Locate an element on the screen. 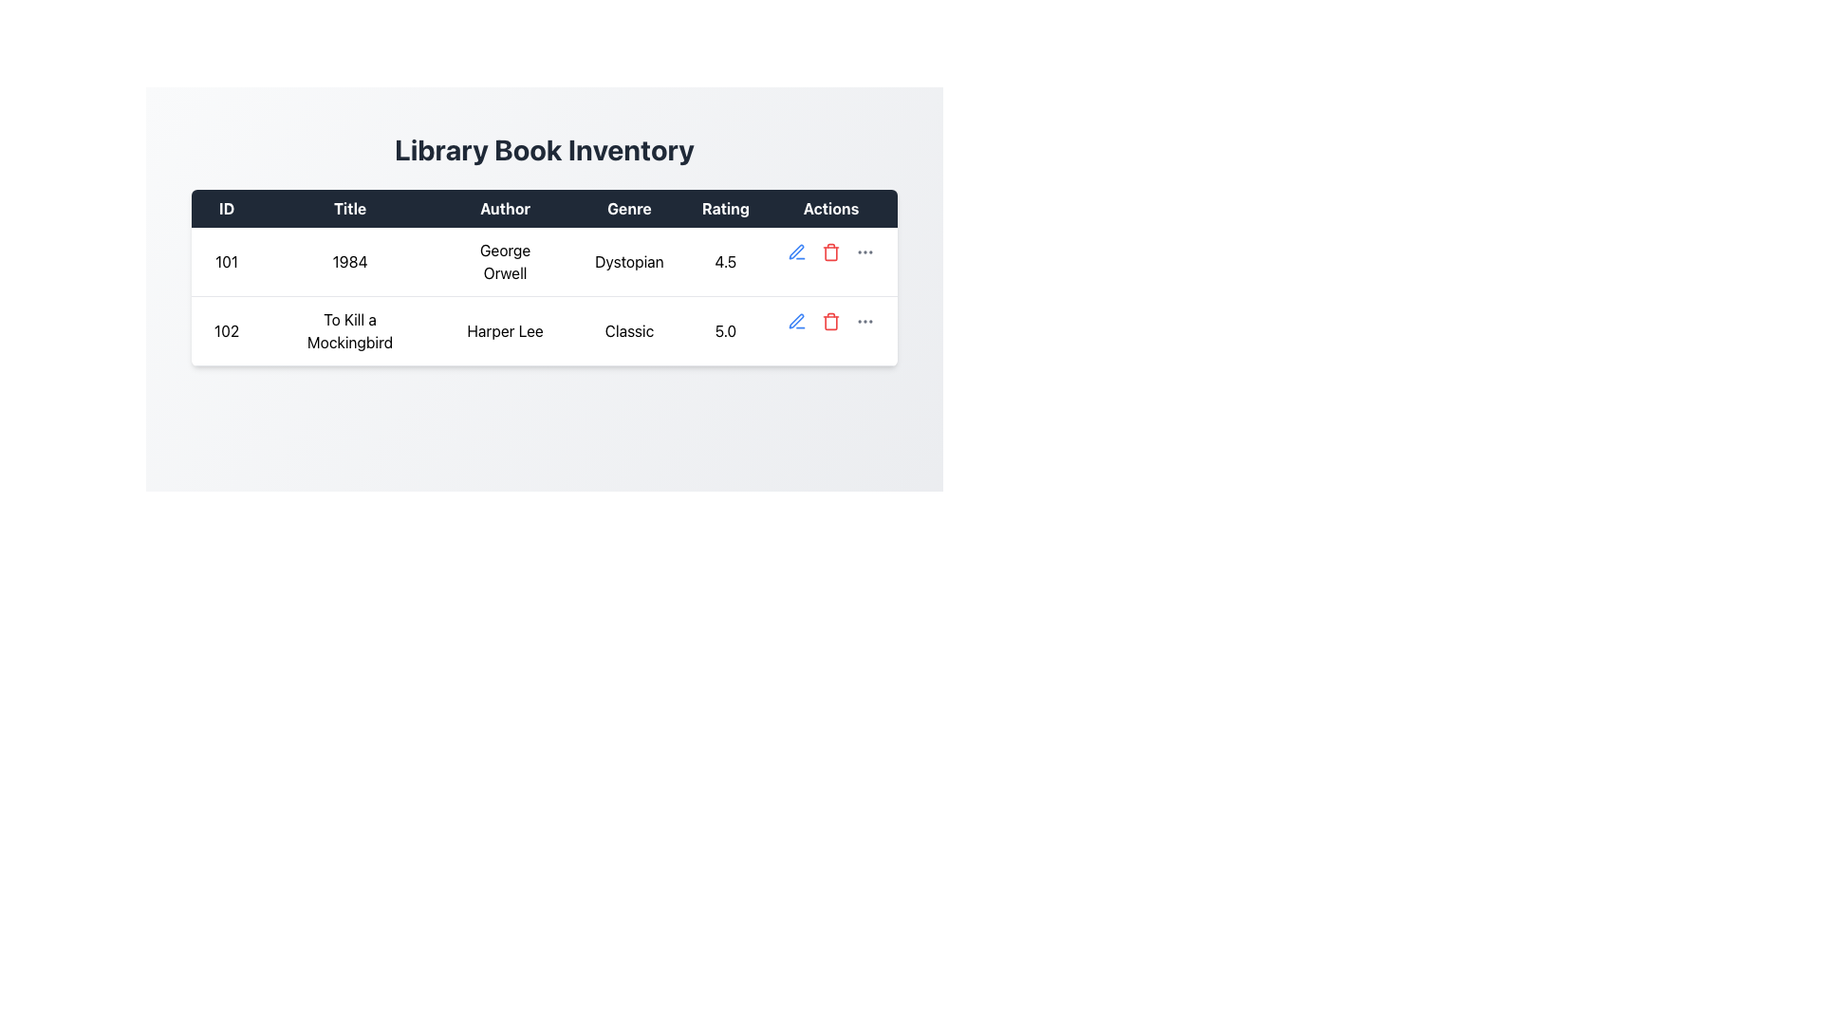 Image resolution: width=1822 pixels, height=1025 pixels. the rectangular text label displaying the word 'Dystopian' in the Genre column of the Library Book Inventory table is located at coordinates (629, 262).